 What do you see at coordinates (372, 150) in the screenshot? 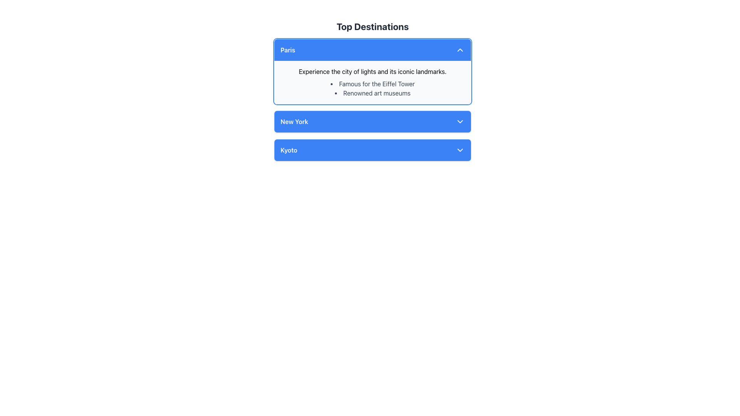
I see `the blue rectangular button labeled 'Kyoto'` at bounding box center [372, 150].